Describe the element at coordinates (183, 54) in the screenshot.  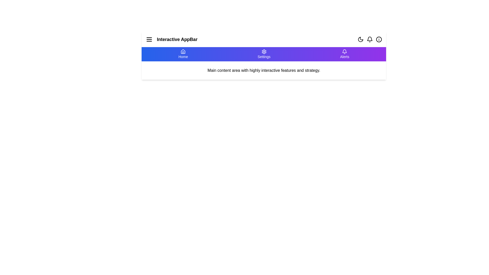
I see `the 'Home' button to navigate to the 'Home' section` at that location.